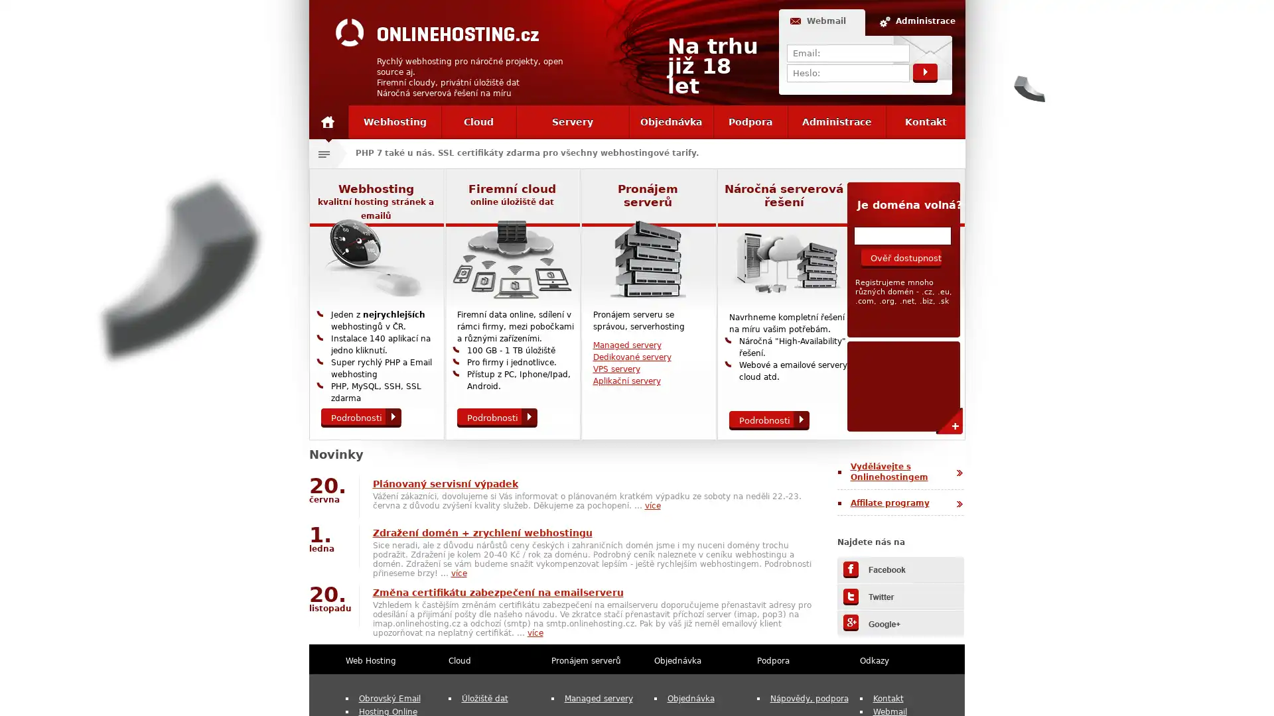 This screenshot has width=1274, height=716. Describe the element at coordinates (768, 420) in the screenshot. I see `Podrobnosti` at that location.